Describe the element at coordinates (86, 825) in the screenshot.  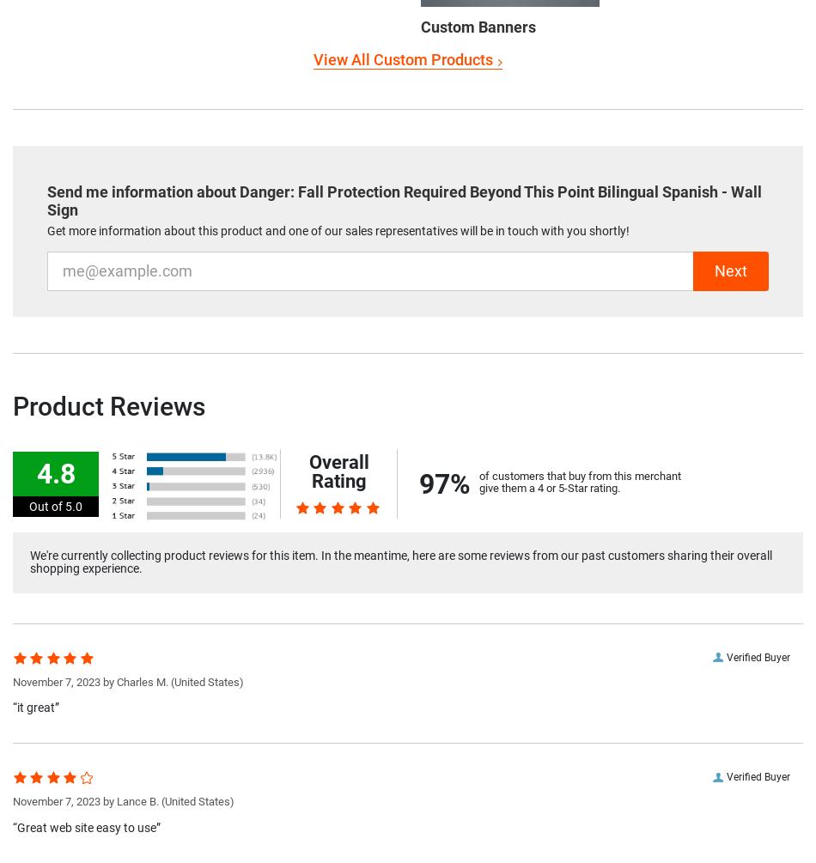
I see `'“Great web site easy to use”'` at that location.